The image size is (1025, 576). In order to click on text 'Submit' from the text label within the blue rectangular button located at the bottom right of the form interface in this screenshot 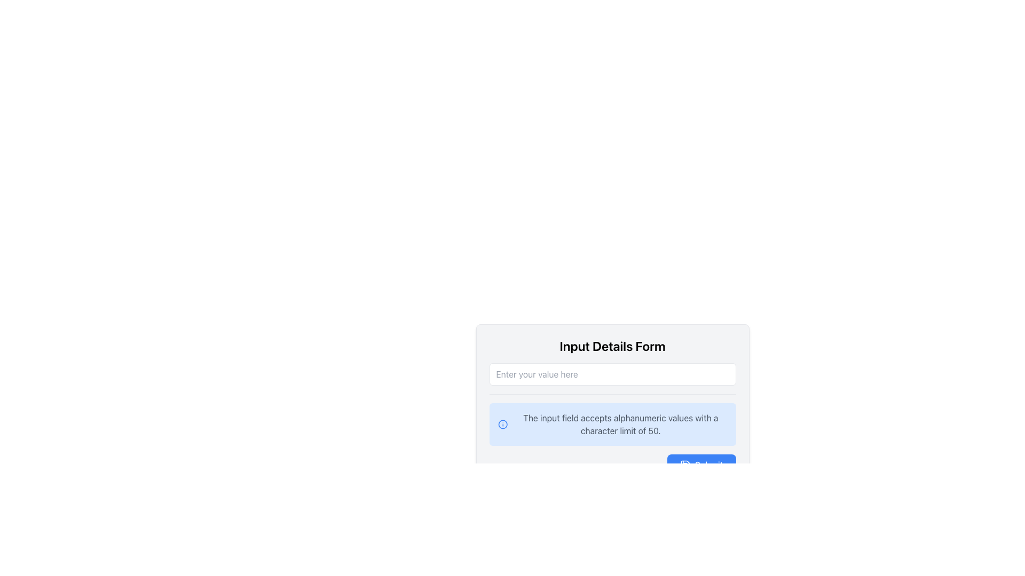, I will do `click(709, 464)`.